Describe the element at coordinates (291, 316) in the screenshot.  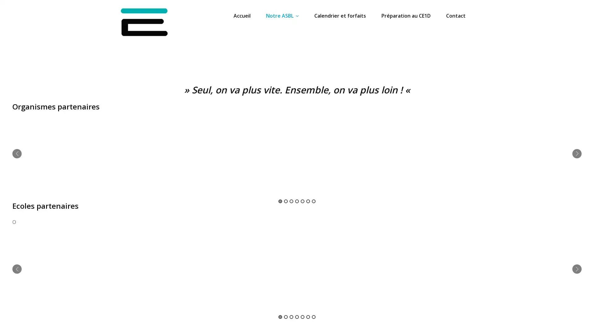
I see `3` at that location.